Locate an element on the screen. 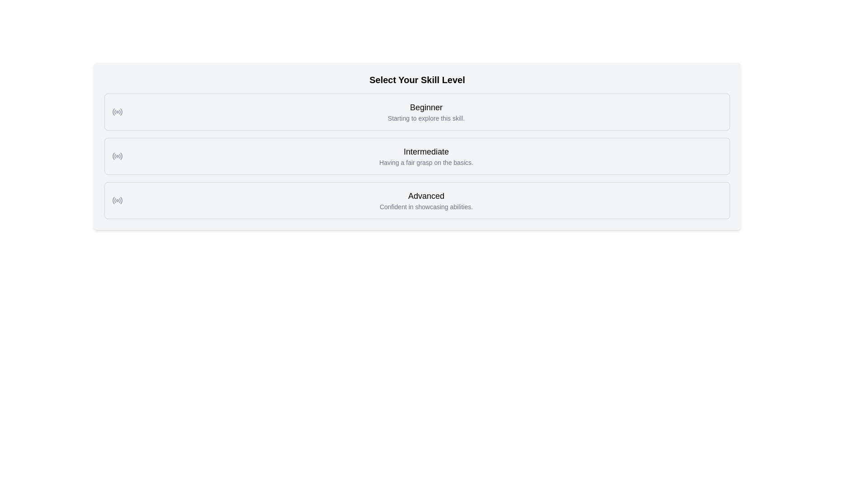  text displayed in the Text Display area that shows 'Confident in showcasing abilities.' located below the 'Advanced' heading is located at coordinates (425, 207).